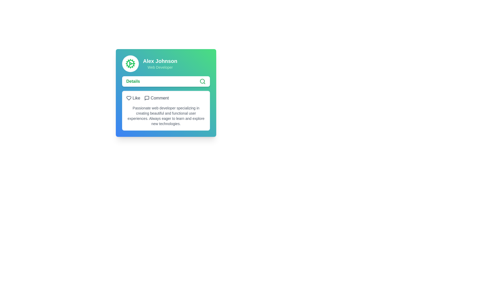 The height and width of the screenshot is (282, 502). Describe the element at coordinates (202, 81) in the screenshot. I see `the circular part of the magnifying glass icon, which is styled with a thin line and located near the upper right corner of the white search bar below the 'Details' user profile section` at that location.